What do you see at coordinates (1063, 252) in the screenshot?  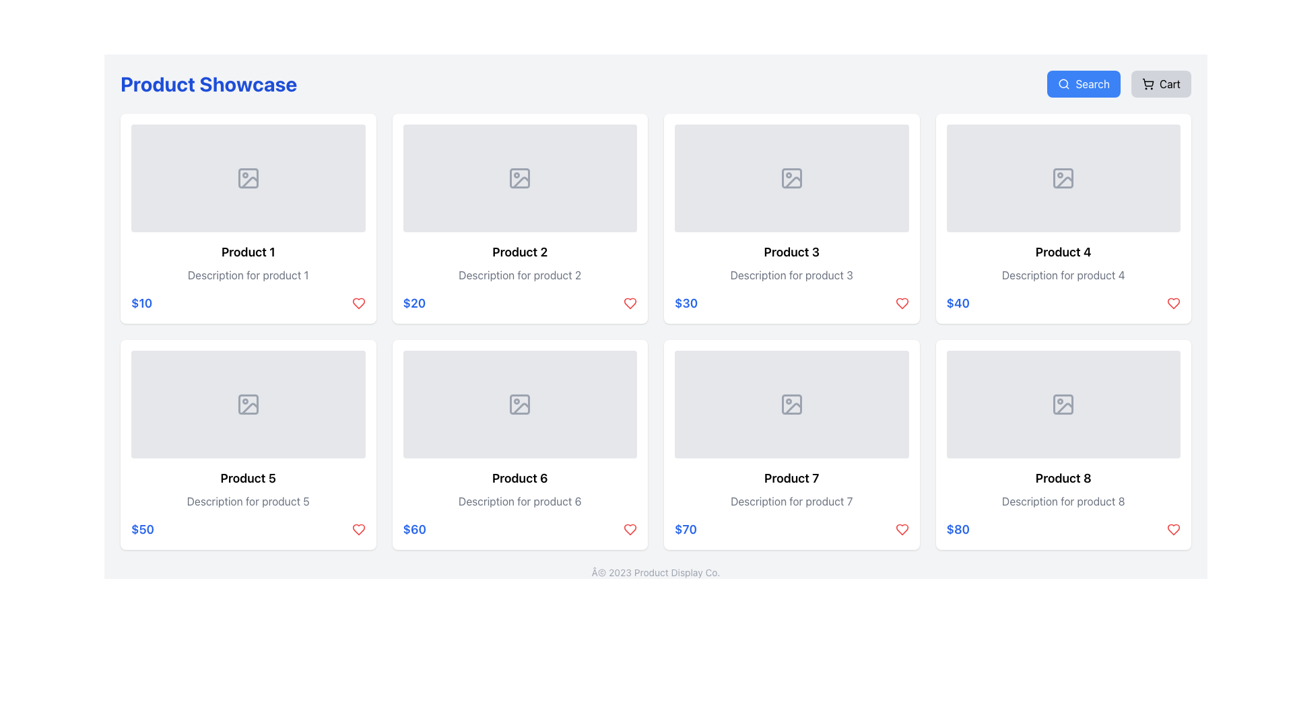 I see `the product title text label, which is centrally positioned above the description text and below an image placeholder in the fourth position of the grid layout, to associate it with the product it labels` at bounding box center [1063, 252].